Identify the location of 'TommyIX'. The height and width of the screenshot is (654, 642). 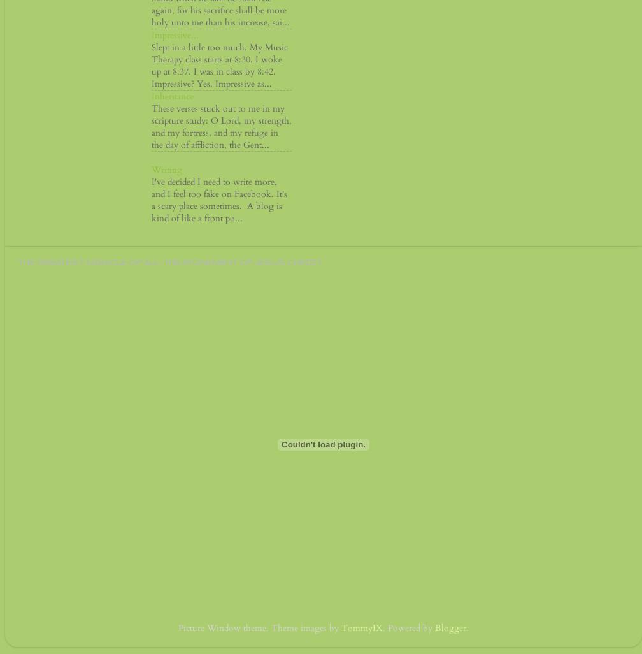
(362, 627).